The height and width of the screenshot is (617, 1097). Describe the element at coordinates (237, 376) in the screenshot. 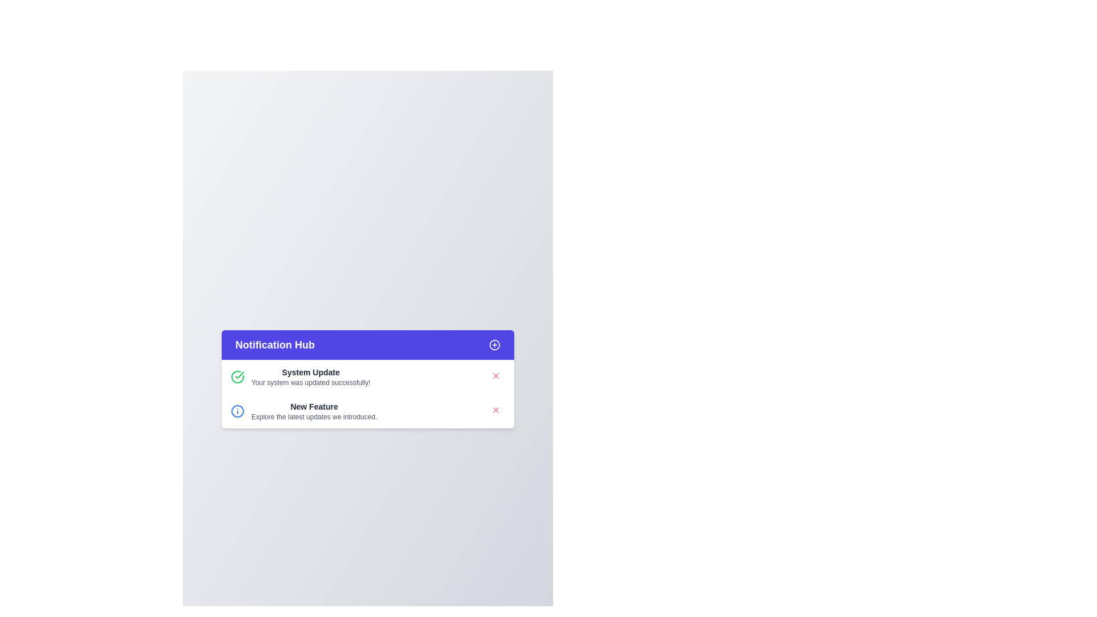

I see `the success update icon located to the left of the 'System Update' text, which indicates that the system update was completed successfully` at that location.